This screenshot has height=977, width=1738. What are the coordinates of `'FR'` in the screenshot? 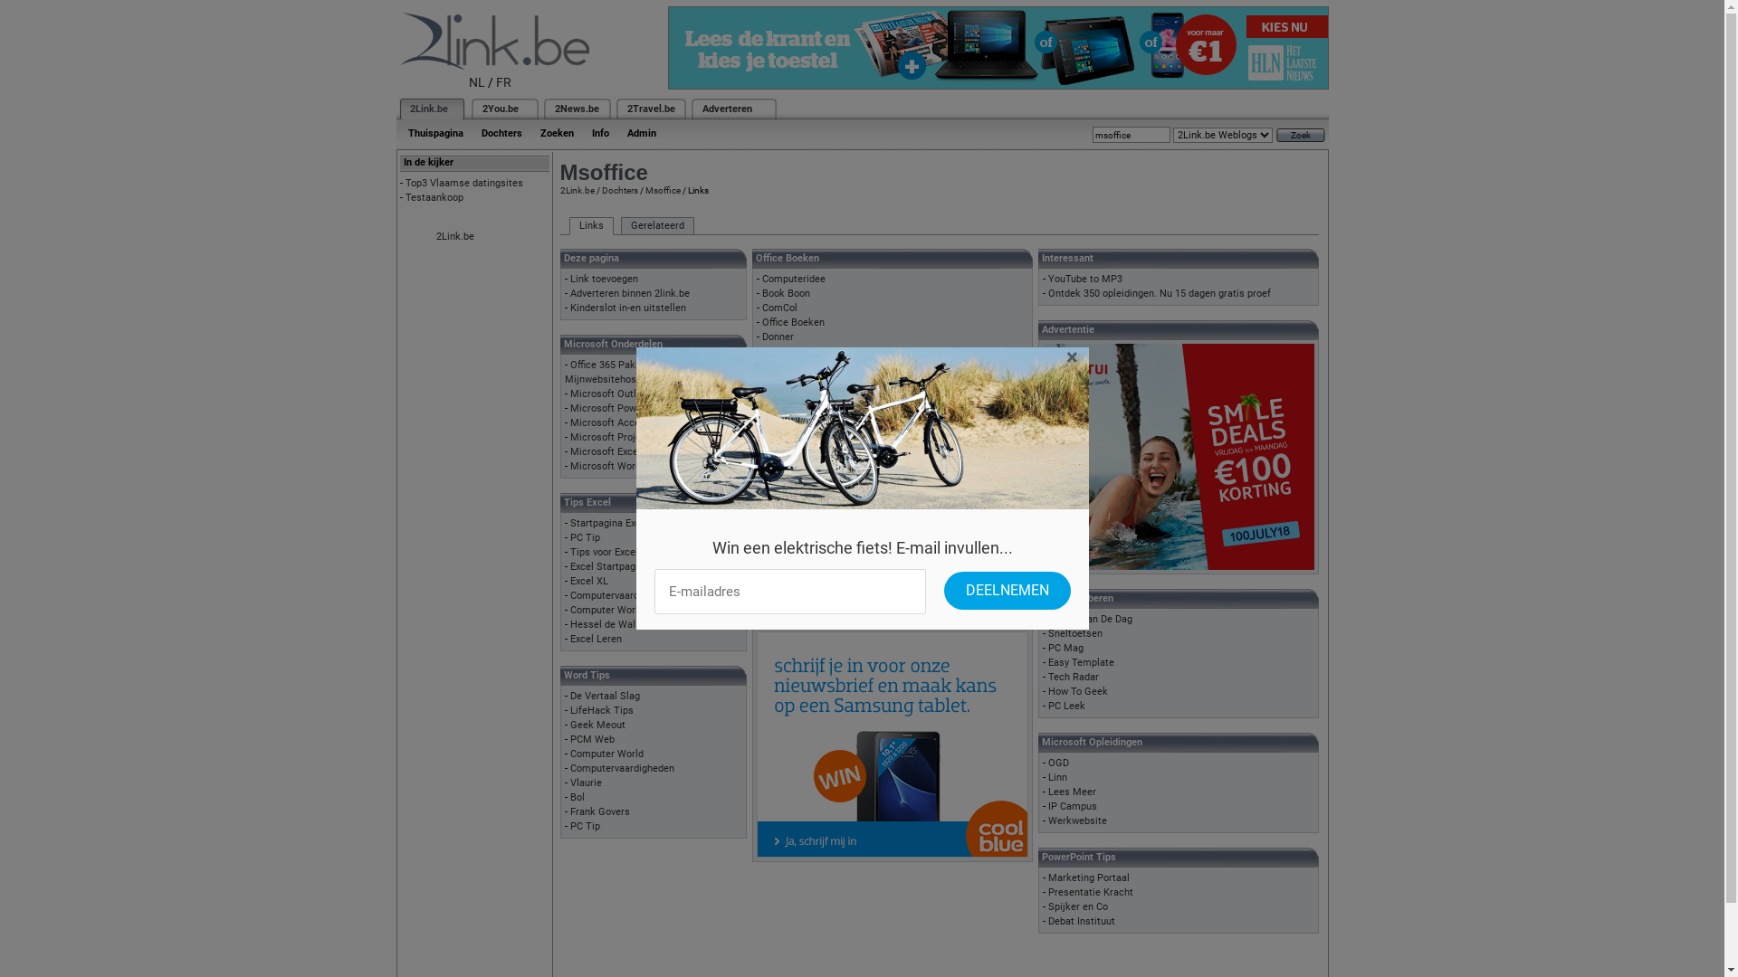 It's located at (503, 82).